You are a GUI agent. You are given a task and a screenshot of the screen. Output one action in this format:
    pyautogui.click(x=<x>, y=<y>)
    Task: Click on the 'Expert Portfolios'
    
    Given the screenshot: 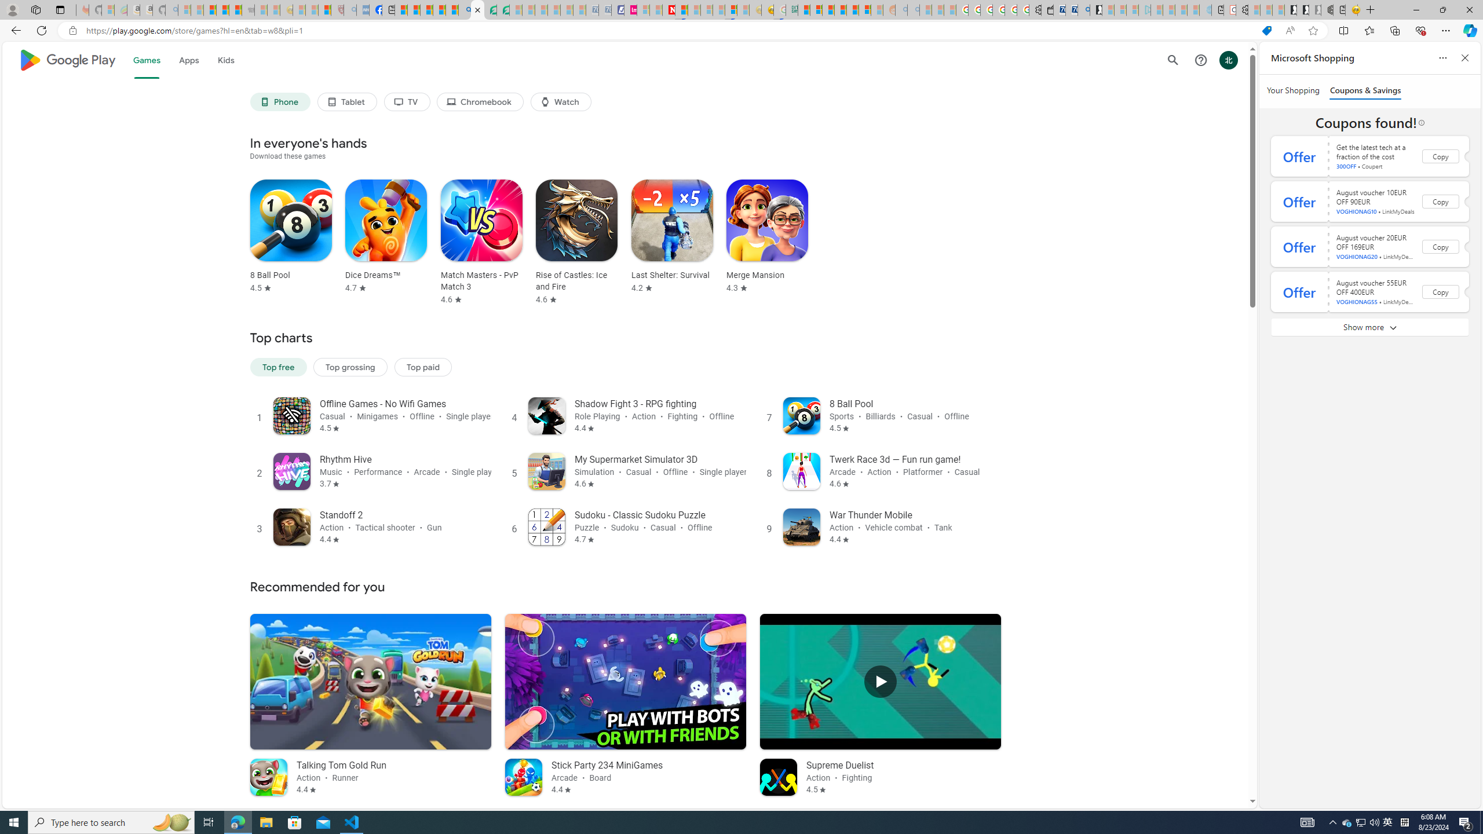 What is the action you would take?
    pyautogui.click(x=840, y=9)
    